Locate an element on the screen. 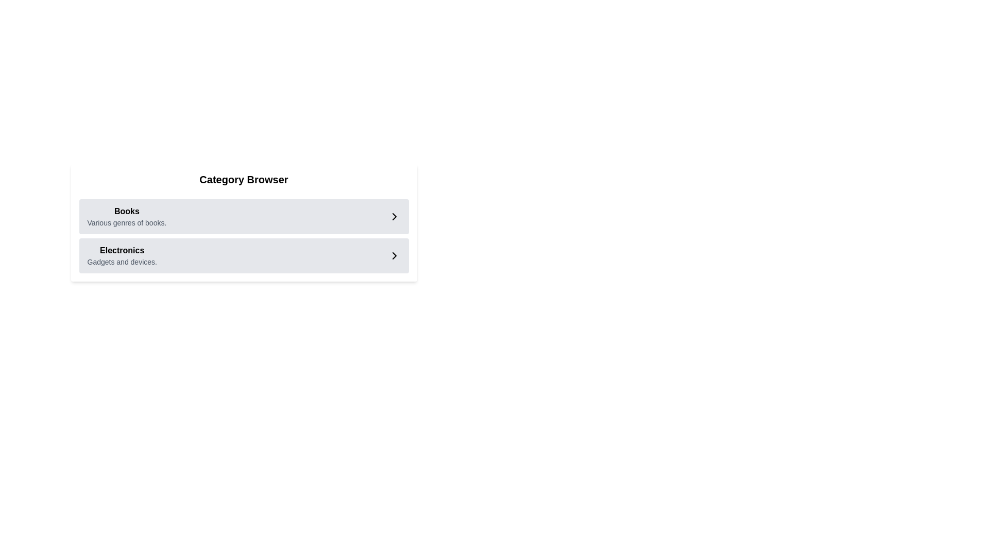 The width and height of the screenshot is (989, 556). the static text label displaying the phrase 'Gadgets and devices', which is styled in a small gray font and located below the 'Electronics' label in the category browsing list is located at coordinates (122, 262).